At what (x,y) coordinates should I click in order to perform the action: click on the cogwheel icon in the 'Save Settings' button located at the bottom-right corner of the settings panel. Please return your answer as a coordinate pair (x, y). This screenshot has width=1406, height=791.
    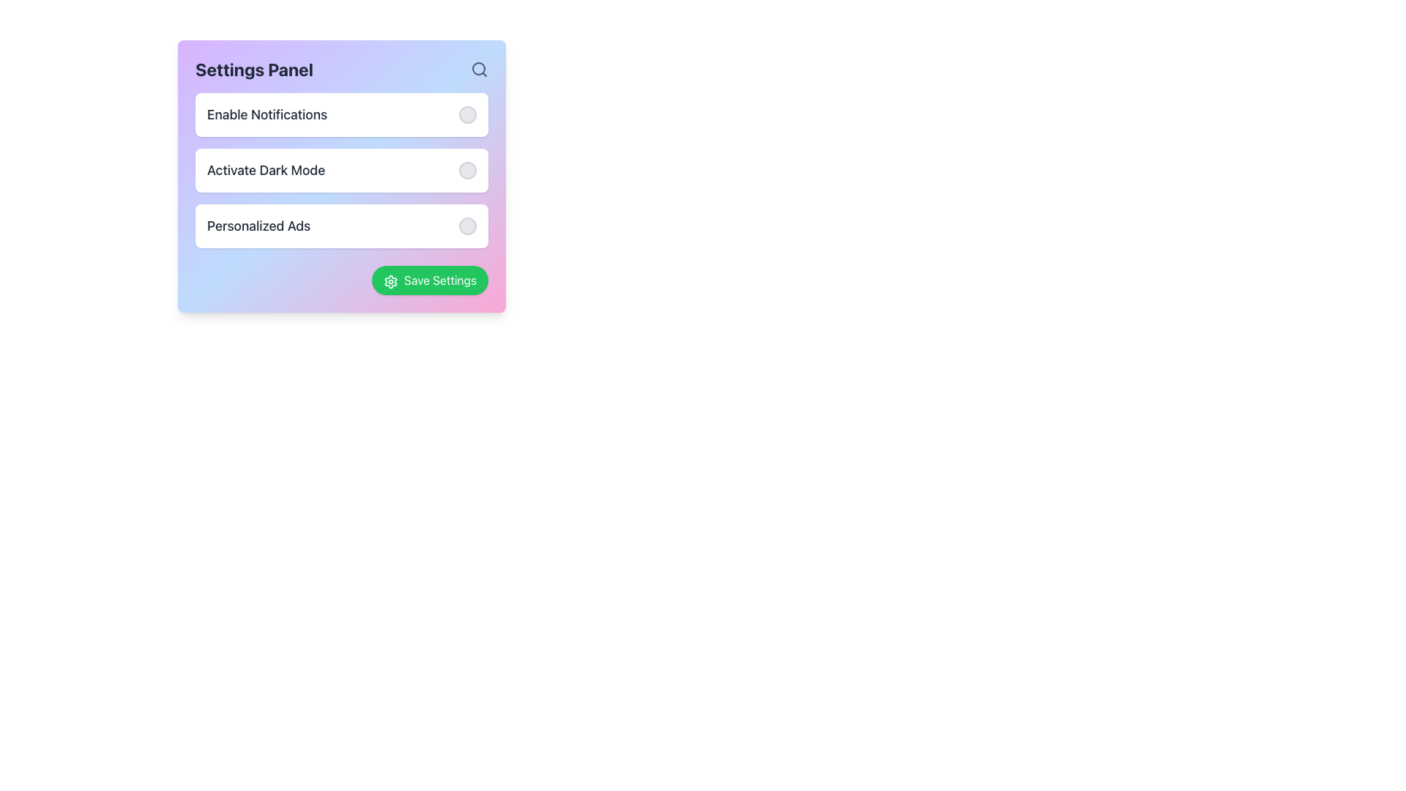
    Looking at the image, I should click on (390, 281).